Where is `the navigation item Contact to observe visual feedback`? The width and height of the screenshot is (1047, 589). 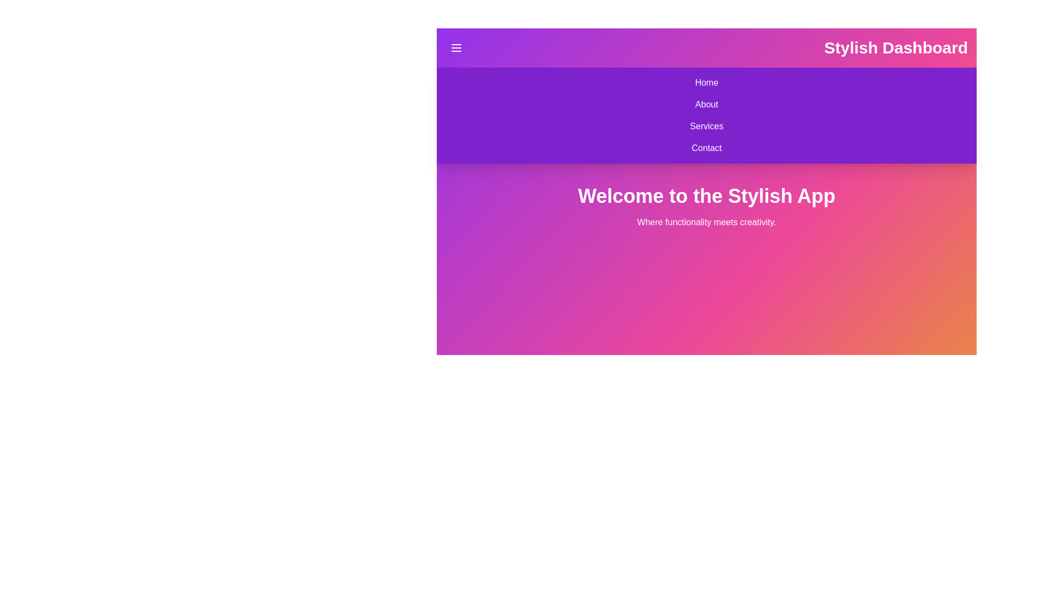 the navigation item Contact to observe visual feedback is located at coordinates (707, 148).